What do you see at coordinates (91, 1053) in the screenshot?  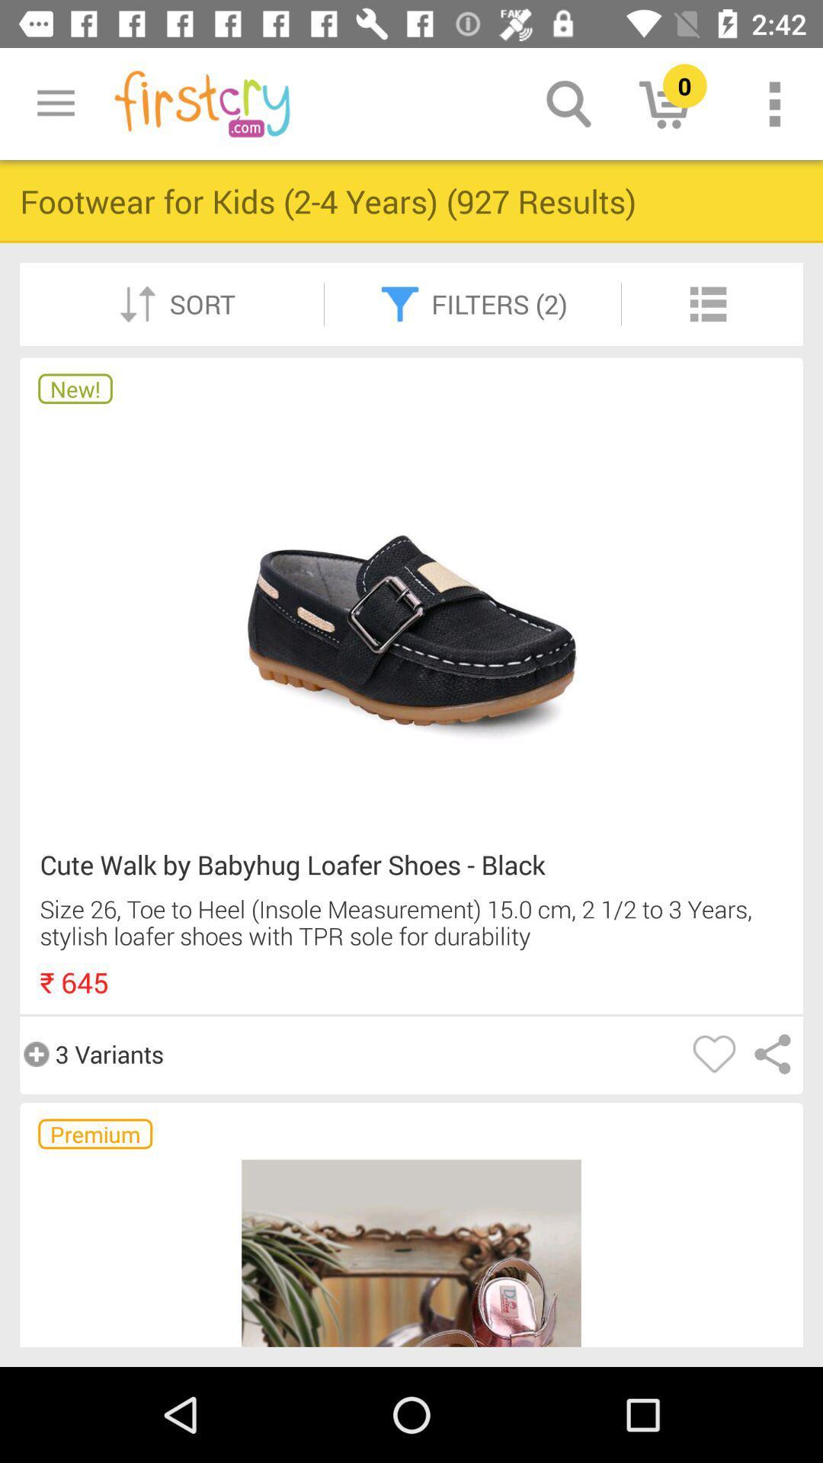 I see `the icon above premium` at bounding box center [91, 1053].